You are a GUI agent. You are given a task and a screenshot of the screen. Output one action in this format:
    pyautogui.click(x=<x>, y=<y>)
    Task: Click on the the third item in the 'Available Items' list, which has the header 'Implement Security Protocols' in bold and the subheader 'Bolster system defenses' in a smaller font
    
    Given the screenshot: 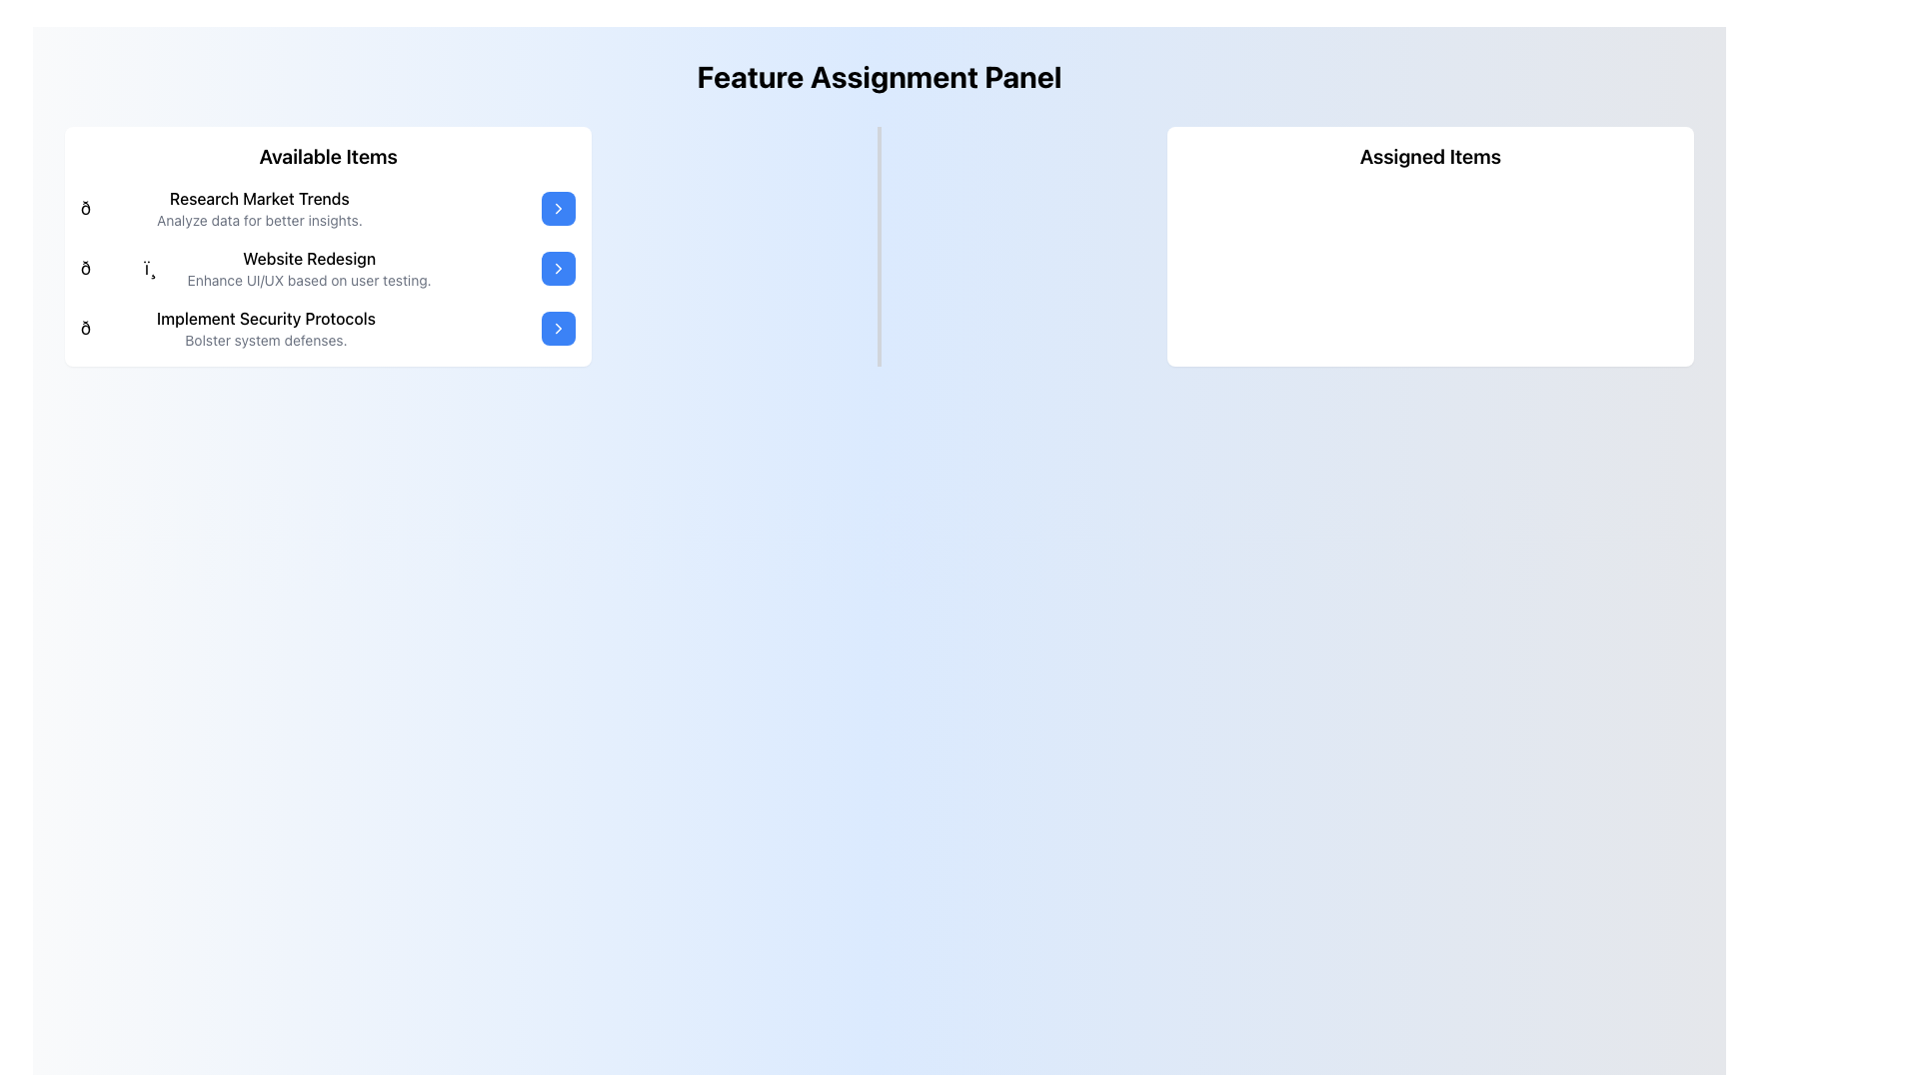 What is the action you would take?
    pyautogui.click(x=265, y=327)
    